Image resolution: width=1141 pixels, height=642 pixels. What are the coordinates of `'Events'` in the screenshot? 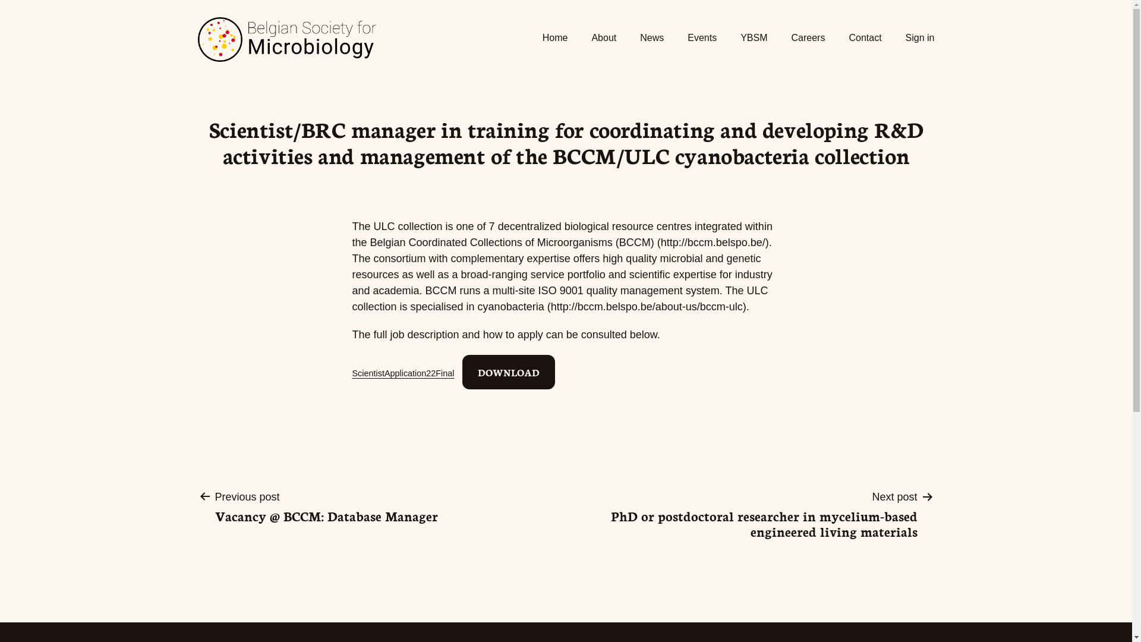 It's located at (702, 37).